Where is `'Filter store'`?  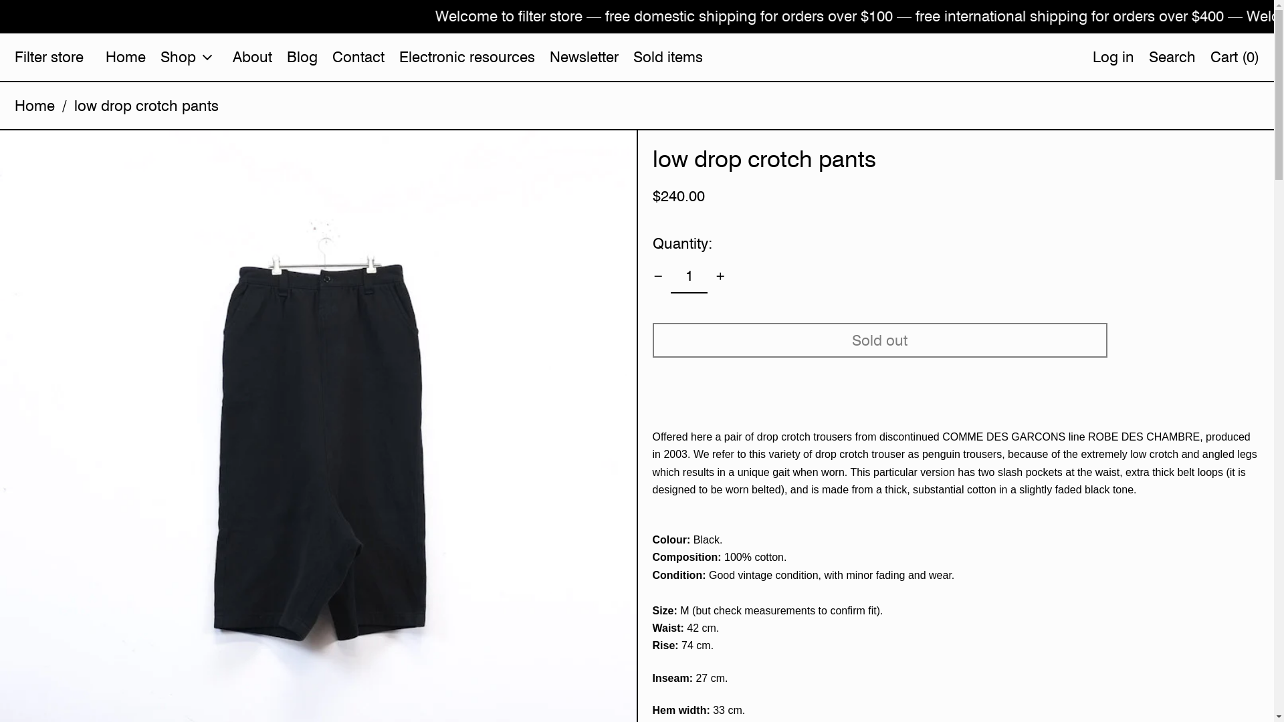
'Filter store' is located at coordinates (15, 55).